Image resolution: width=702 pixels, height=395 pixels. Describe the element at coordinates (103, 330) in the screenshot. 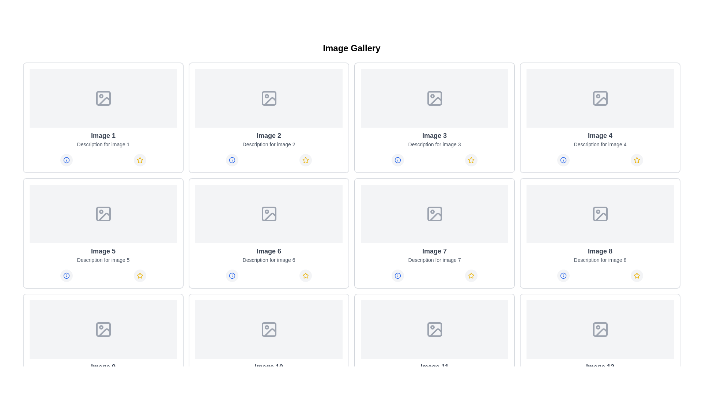

I see `the image icon representing 'Image 9' in the bottom-left corner of the Image Gallery, which features a rectangular frame with rounded edges and includes a circle overlapping a triangle, using a light gray color palette` at that location.